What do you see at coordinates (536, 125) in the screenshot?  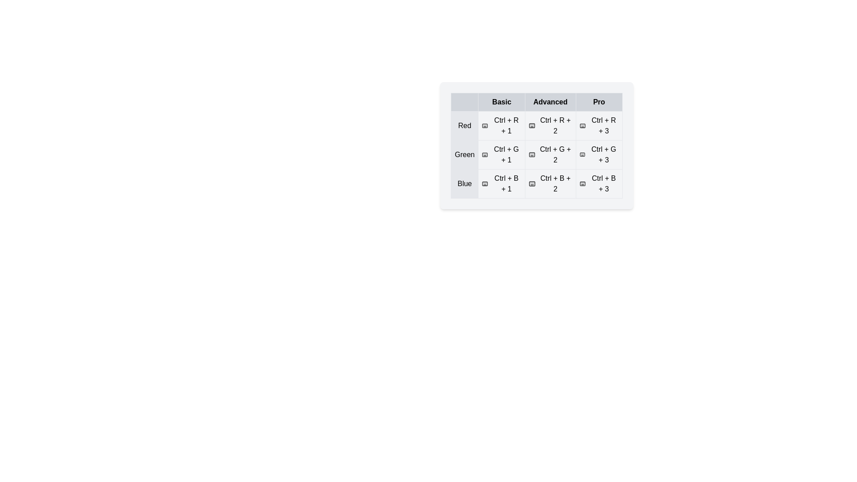 I see `the static text display labeled 'Ctrl + R + 2' with a keyboard icon, located in the second column of the first row under the 'Red' label in a table` at bounding box center [536, 125].